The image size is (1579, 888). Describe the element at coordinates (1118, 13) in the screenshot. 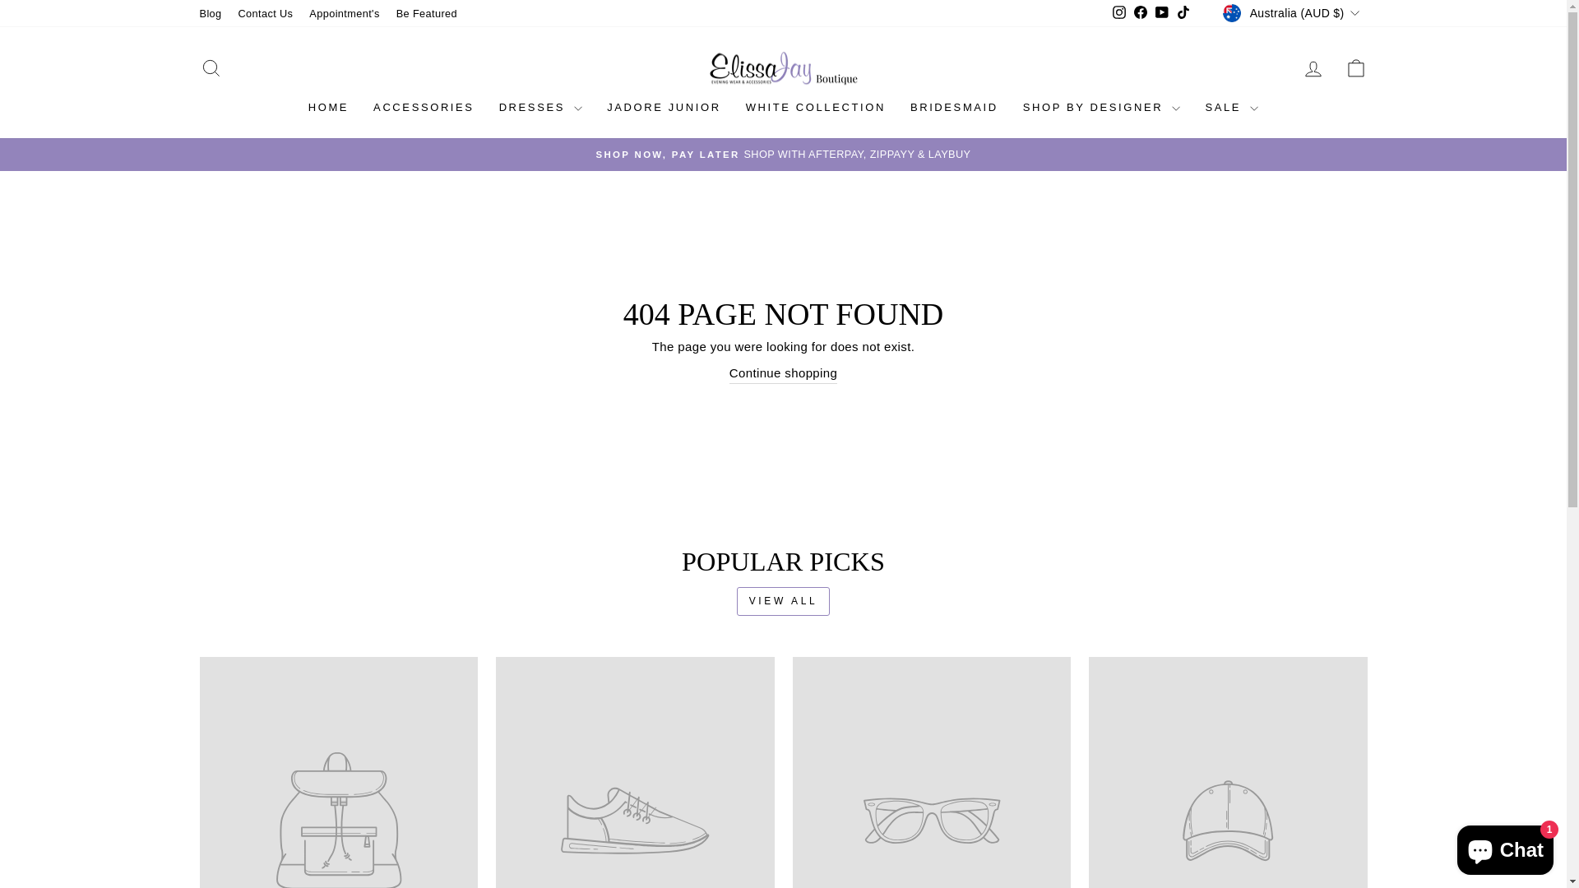

I see `'instagram` at that location.